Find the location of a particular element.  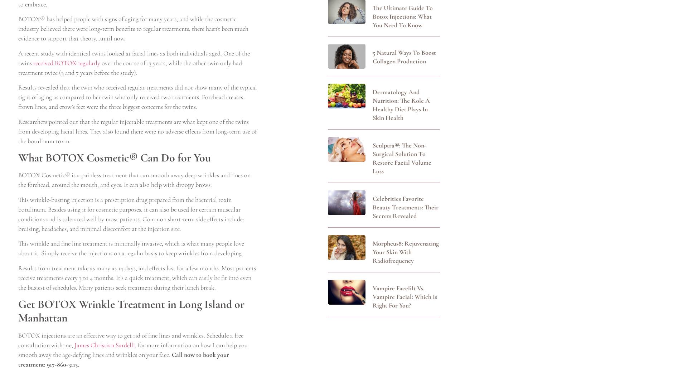

'Morpheus8: Rejuvenating Your Skin with Radiofrequency' is located at coordinates (372, 252).